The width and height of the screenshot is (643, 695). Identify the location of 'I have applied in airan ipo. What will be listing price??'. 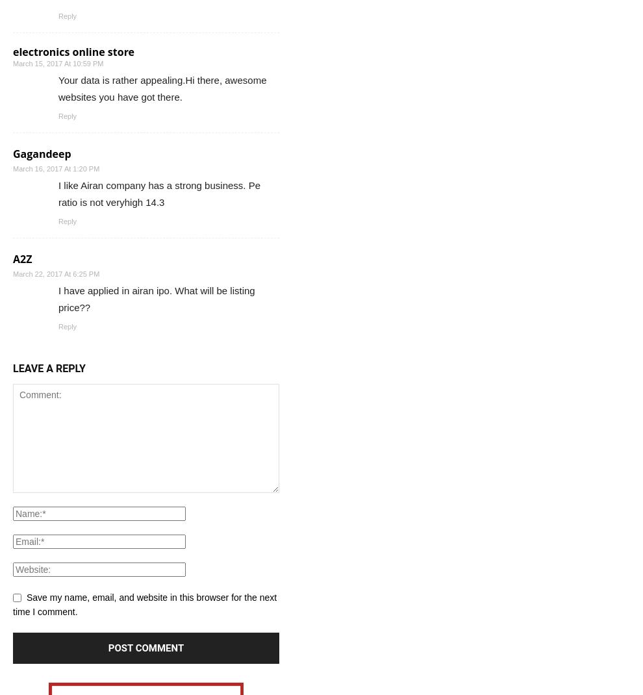
(58, 298).